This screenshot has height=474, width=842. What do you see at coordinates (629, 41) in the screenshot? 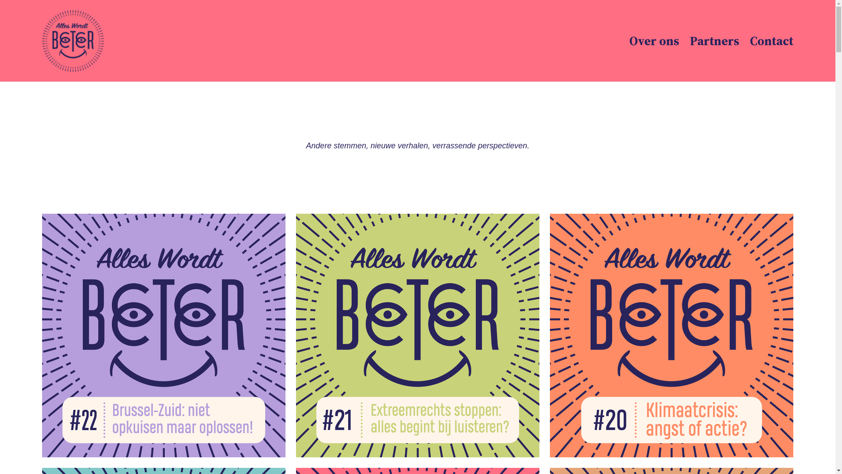
I see `'Over ons'` at bounding box center [629, 41].